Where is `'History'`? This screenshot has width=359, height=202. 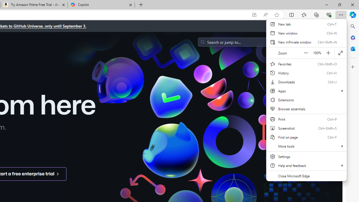
'History' is located at coordinates (306, 72).